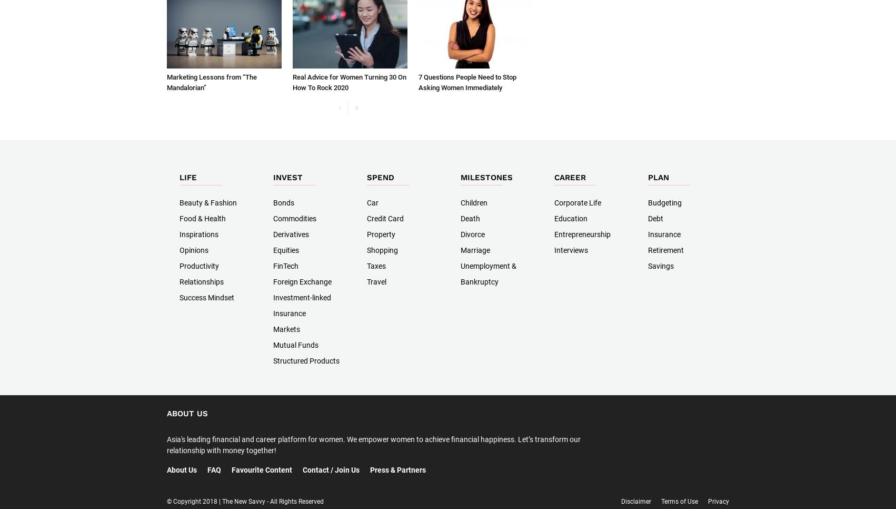 The image size is (896, 509). Describe the element at coordinates (460, 250) in the screenshot. I see `'Marriage'` at that location.